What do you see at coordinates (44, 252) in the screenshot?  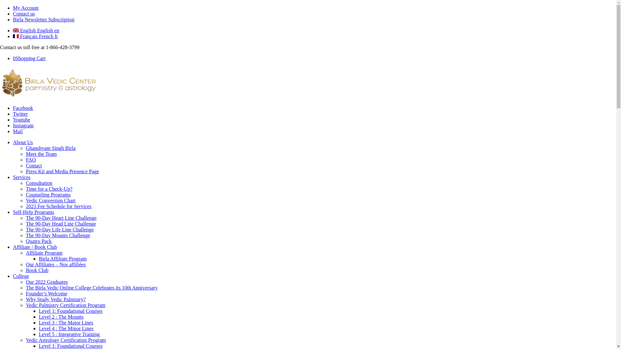 I see `'Affiliate Program'` at bounding box center [44, 252].